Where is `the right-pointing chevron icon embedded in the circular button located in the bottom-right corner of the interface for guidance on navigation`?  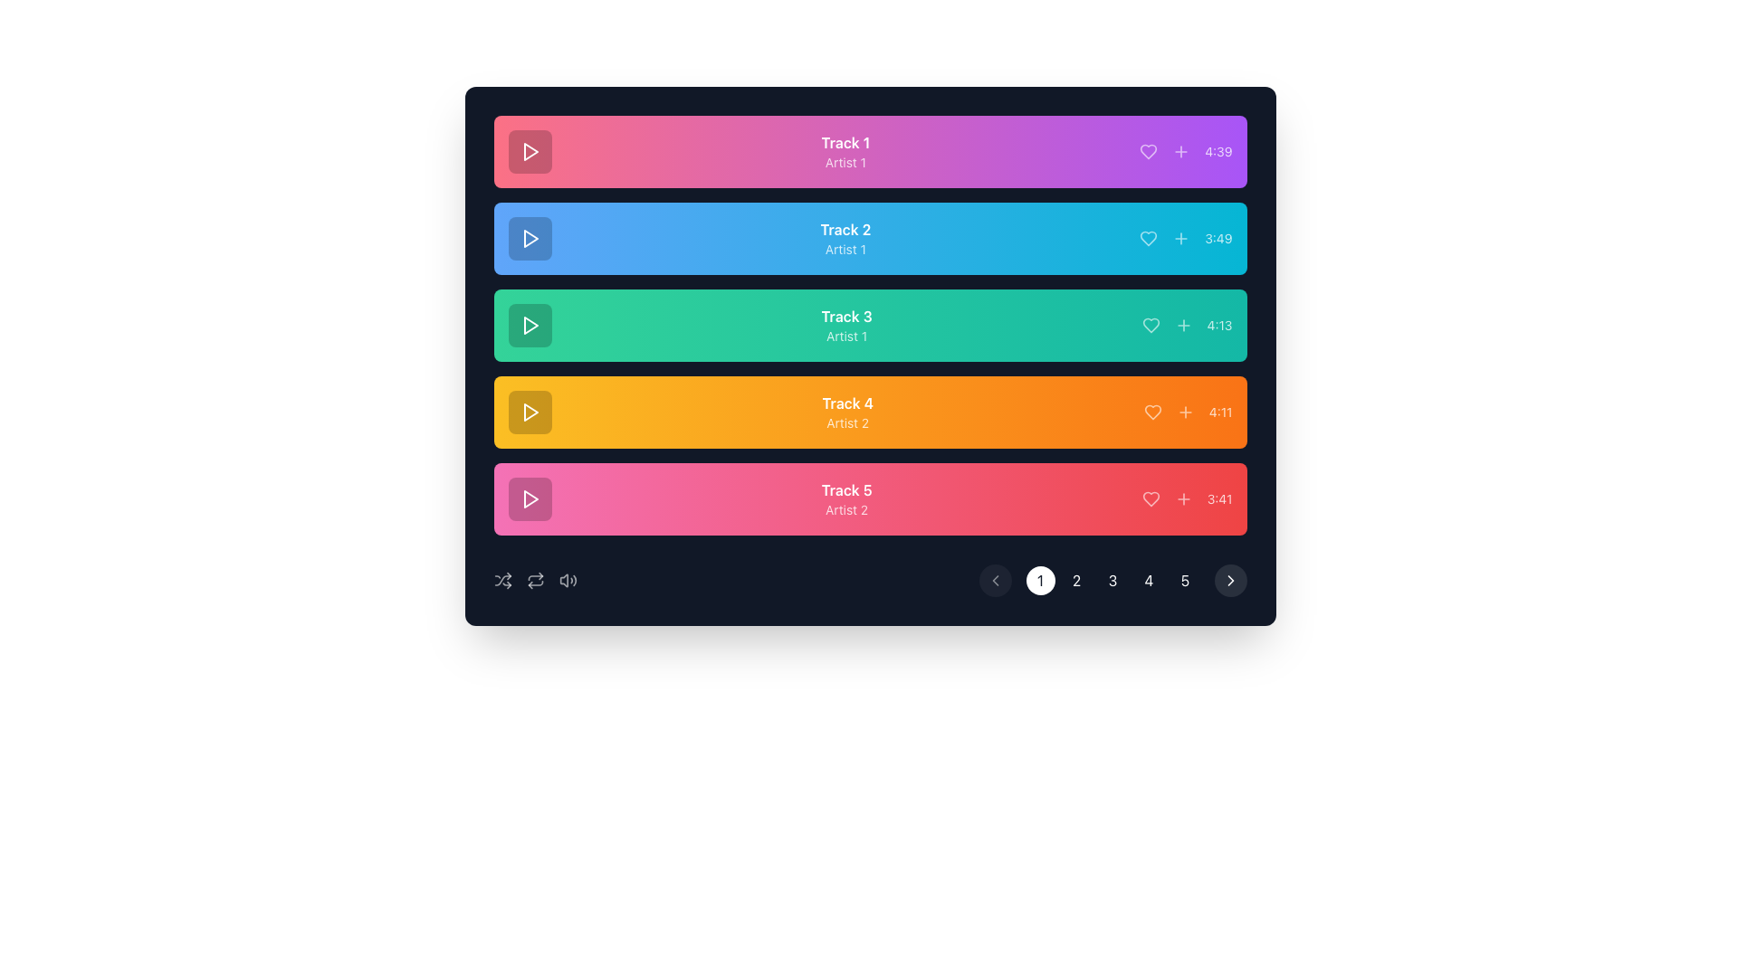 the right-pointing chevron icon embedded in the circular button located in the bottom-right corner of the interface for guidance on navigation is located at coordinates (1230, 580).